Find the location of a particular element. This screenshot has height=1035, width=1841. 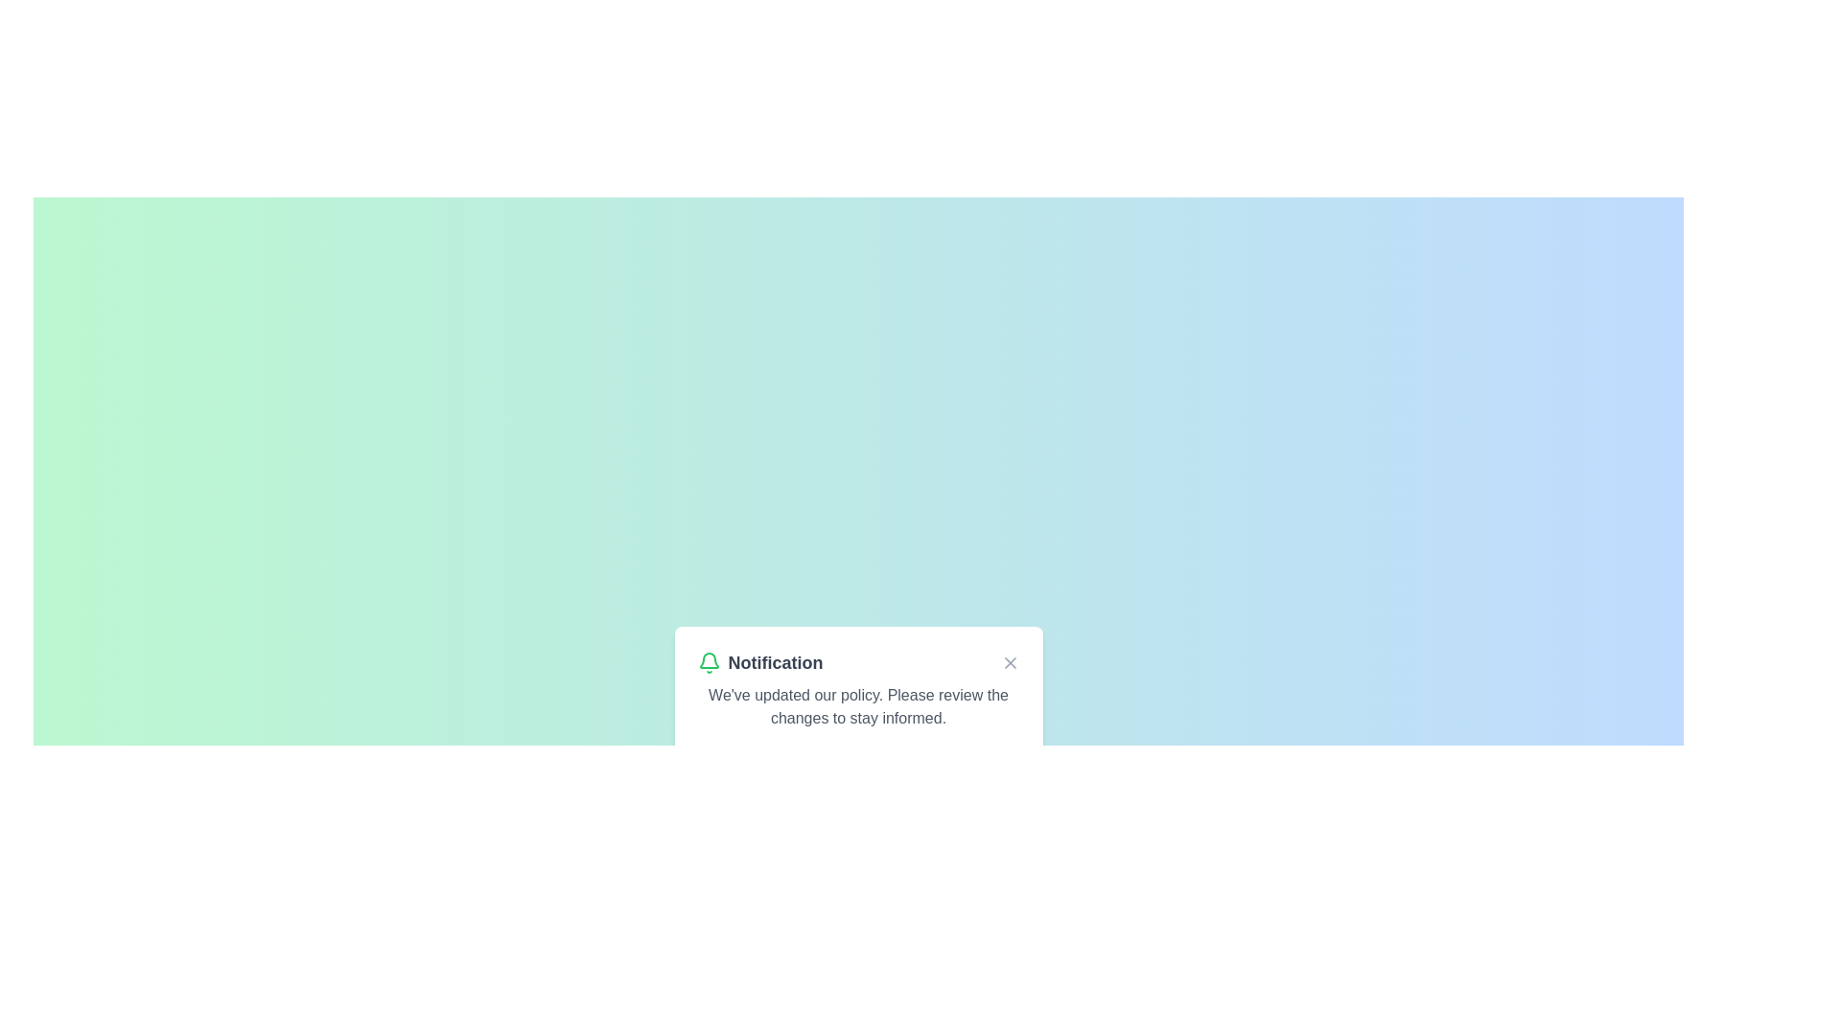

the green bell icon located to the left of the 'Notification' text label within the notification card is located at coordinates (708, 661).